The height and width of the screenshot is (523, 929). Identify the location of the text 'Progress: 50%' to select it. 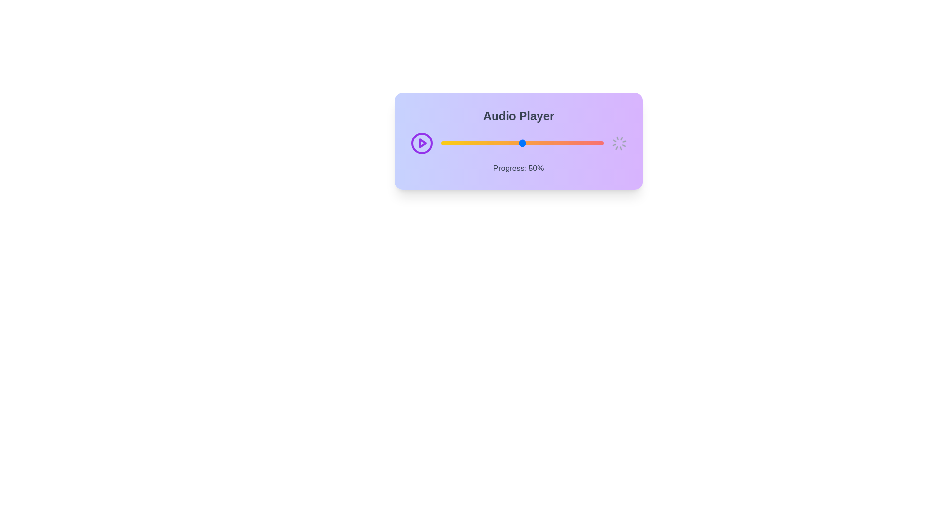
(518, 168).